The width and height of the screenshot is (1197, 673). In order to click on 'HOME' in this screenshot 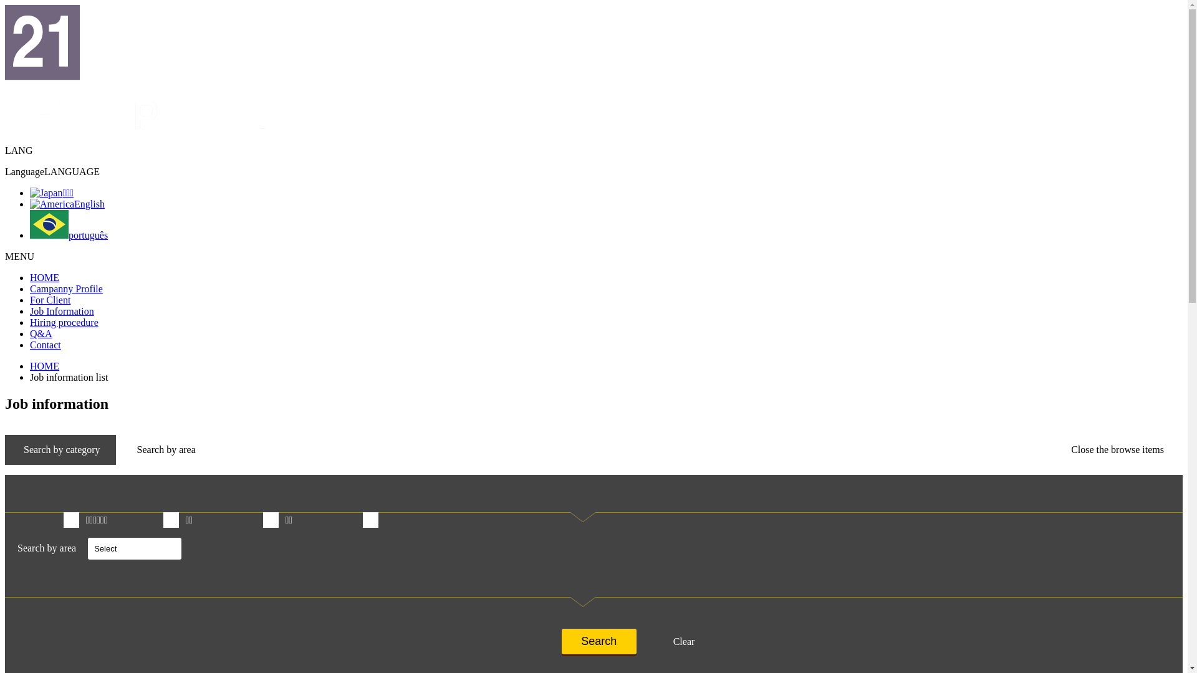, I will do `click(44, 365)`.